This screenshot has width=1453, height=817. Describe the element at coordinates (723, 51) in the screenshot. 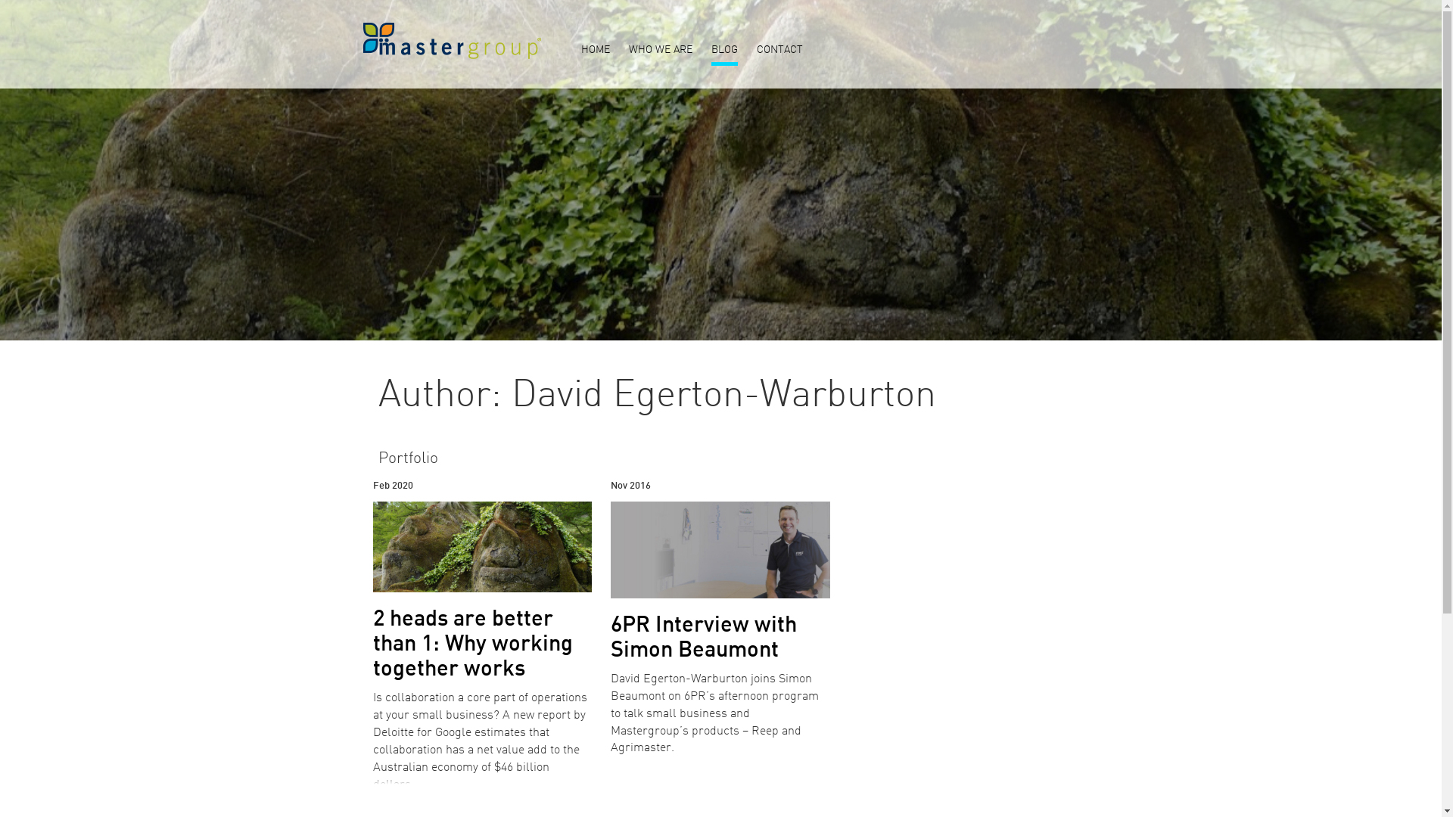

I see `'BLOG'` at that location.